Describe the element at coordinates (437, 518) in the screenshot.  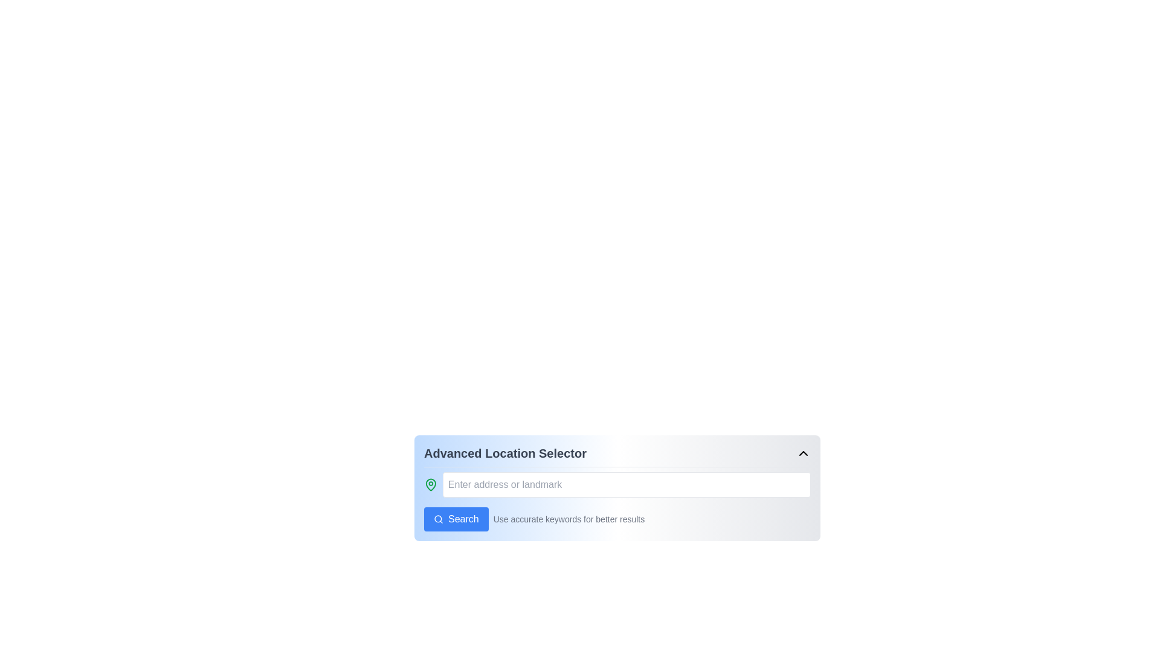
I see `the circle icon within the magnifying glass SVG graphic that is part of the blue 'Search' button` at that location.